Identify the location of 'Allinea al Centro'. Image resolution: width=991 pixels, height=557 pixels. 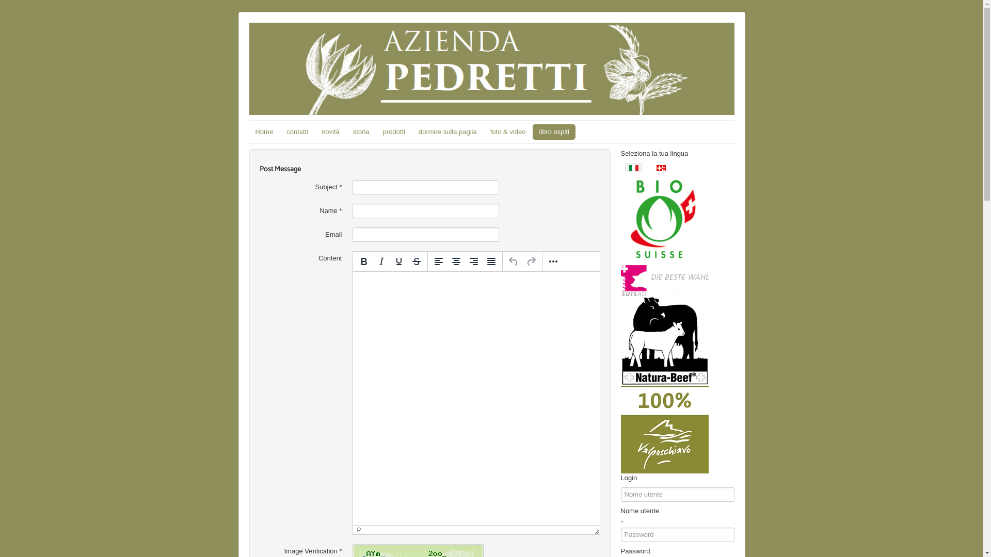
(455, 260).